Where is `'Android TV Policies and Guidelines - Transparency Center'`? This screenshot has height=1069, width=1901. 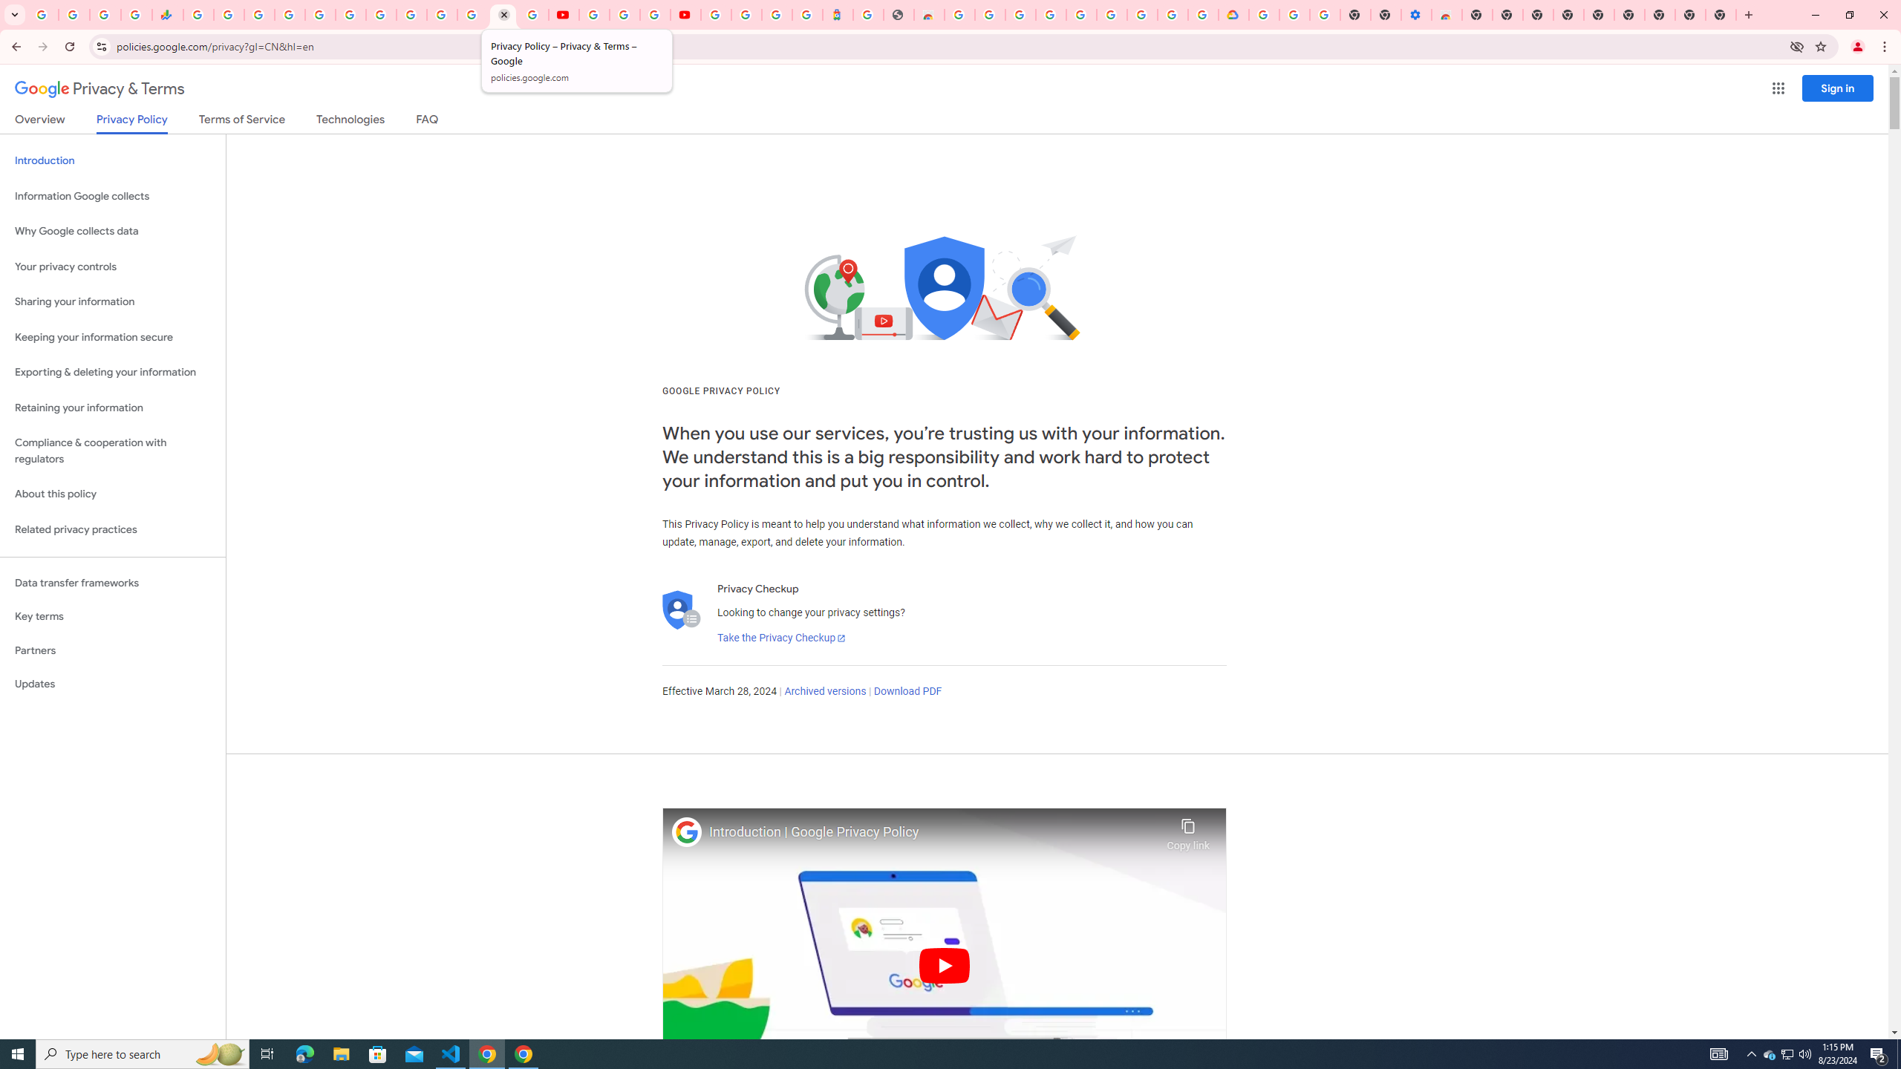
'Android TV Policies and Guidelines - Transparency Center' is located at coordinates (381, 14).